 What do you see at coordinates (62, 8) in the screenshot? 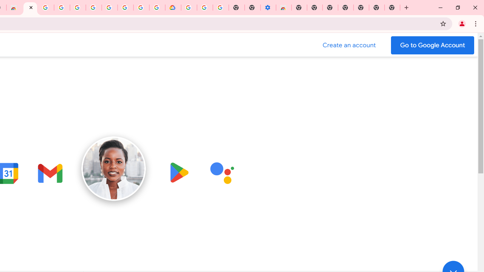
I see `'Ad Settings'` at bounding box center [62, 8].